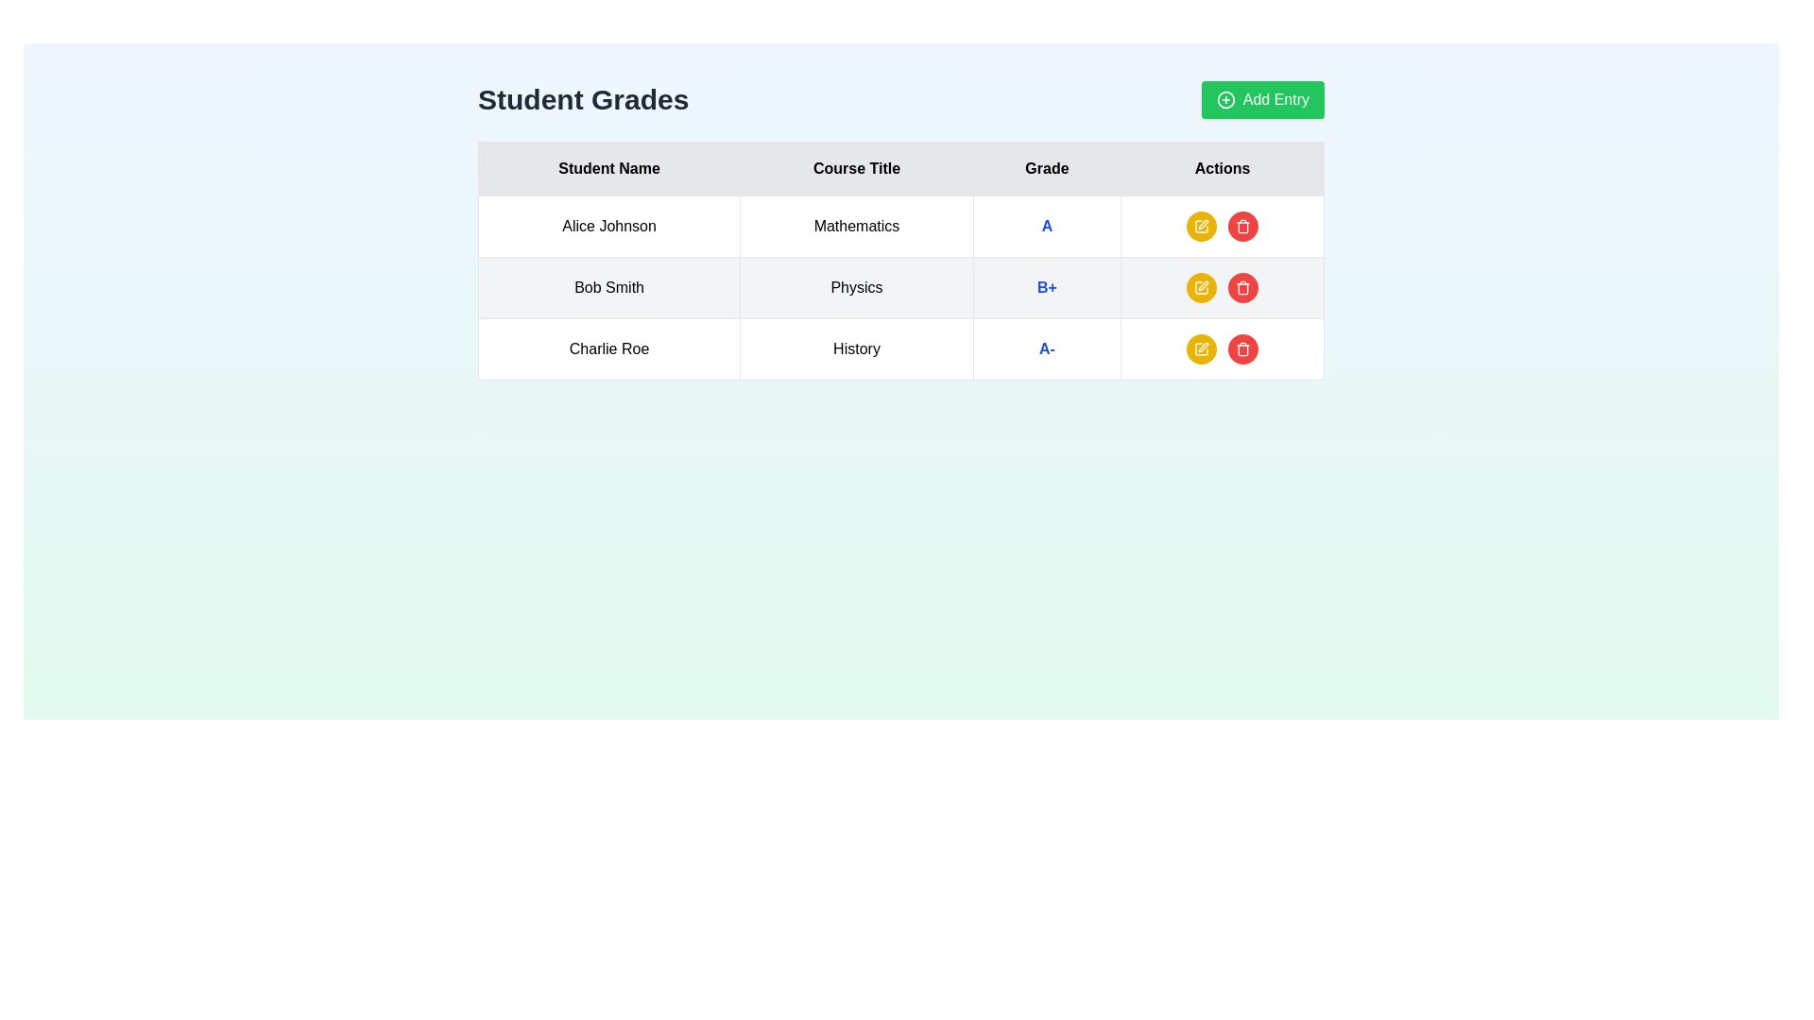 Image resolution: width=1814 pixels, height=1020 pixels. Describe the element at coordinates (1223, 349) in the screenshot. I see `the red delete button in the 'Actions' column for the row labeled 'Charlie Roe' to initiate a delete operation` at that location.